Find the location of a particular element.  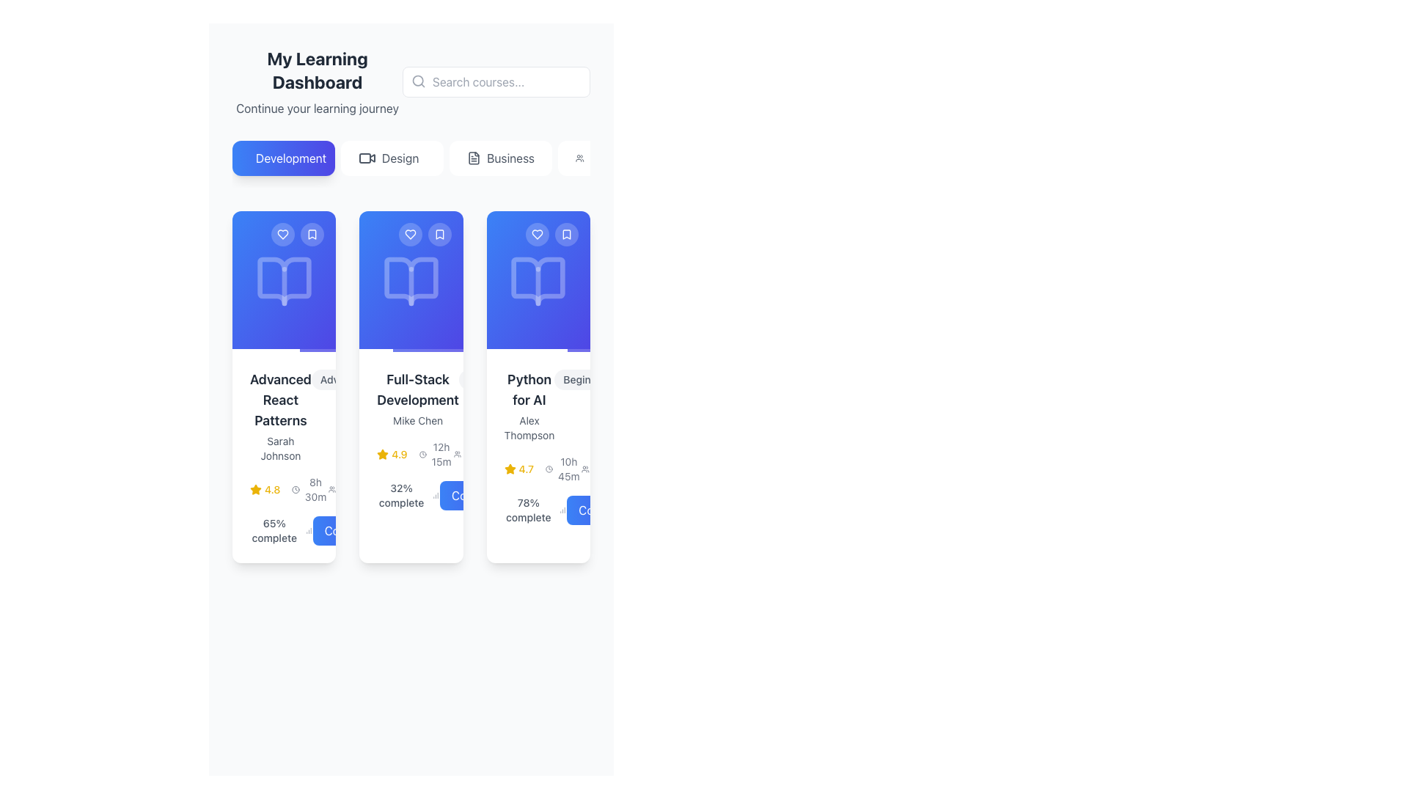

the heart icon within the circular button on the second card to favorite the course is located at coordinates (410, 234).